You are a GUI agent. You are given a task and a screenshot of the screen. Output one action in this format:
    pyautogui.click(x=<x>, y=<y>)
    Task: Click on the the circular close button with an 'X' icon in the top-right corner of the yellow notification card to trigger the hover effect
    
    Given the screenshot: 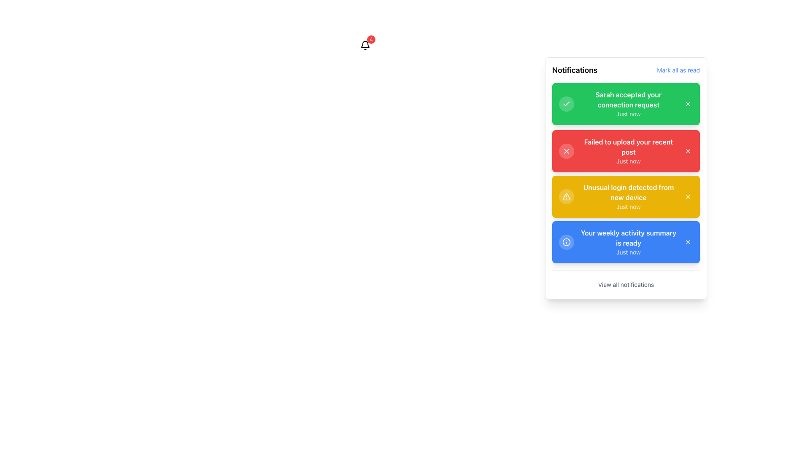 What is the action you would take?
    pyautogui.click(x=688, y=196)
    